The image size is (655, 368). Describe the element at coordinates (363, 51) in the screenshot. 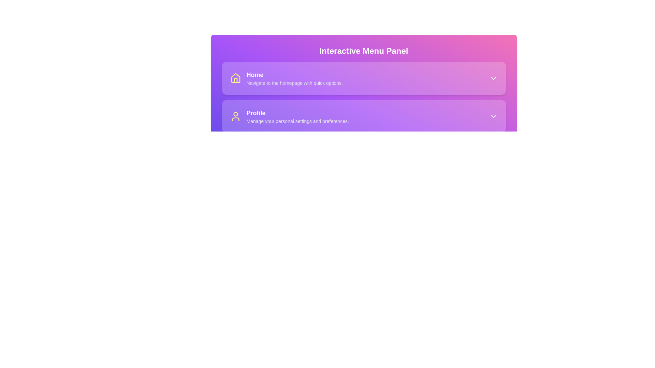

I see `the Text Label that serves as the title for the menu panel, located above the sections for 'Home' and 'Profile'` at that location.